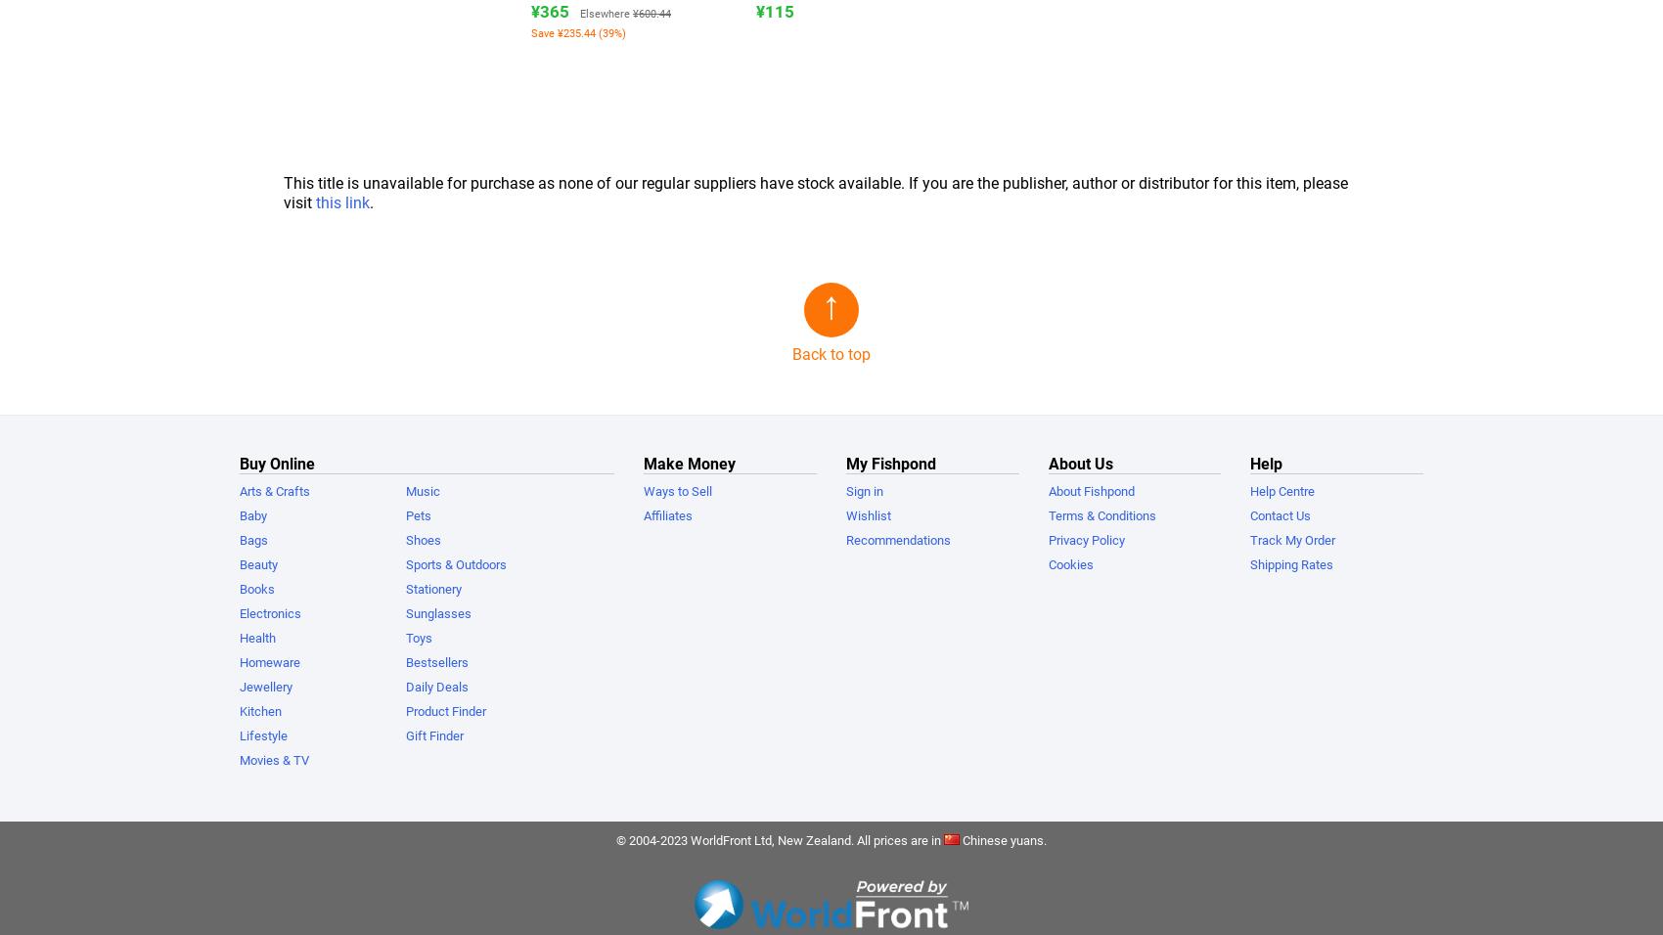 This screenshot has width=1663, height=935. What do you see at coordinates (1449, 11) in the screenshot?
I see `'¥434'` at bounding box center [1449, 11].